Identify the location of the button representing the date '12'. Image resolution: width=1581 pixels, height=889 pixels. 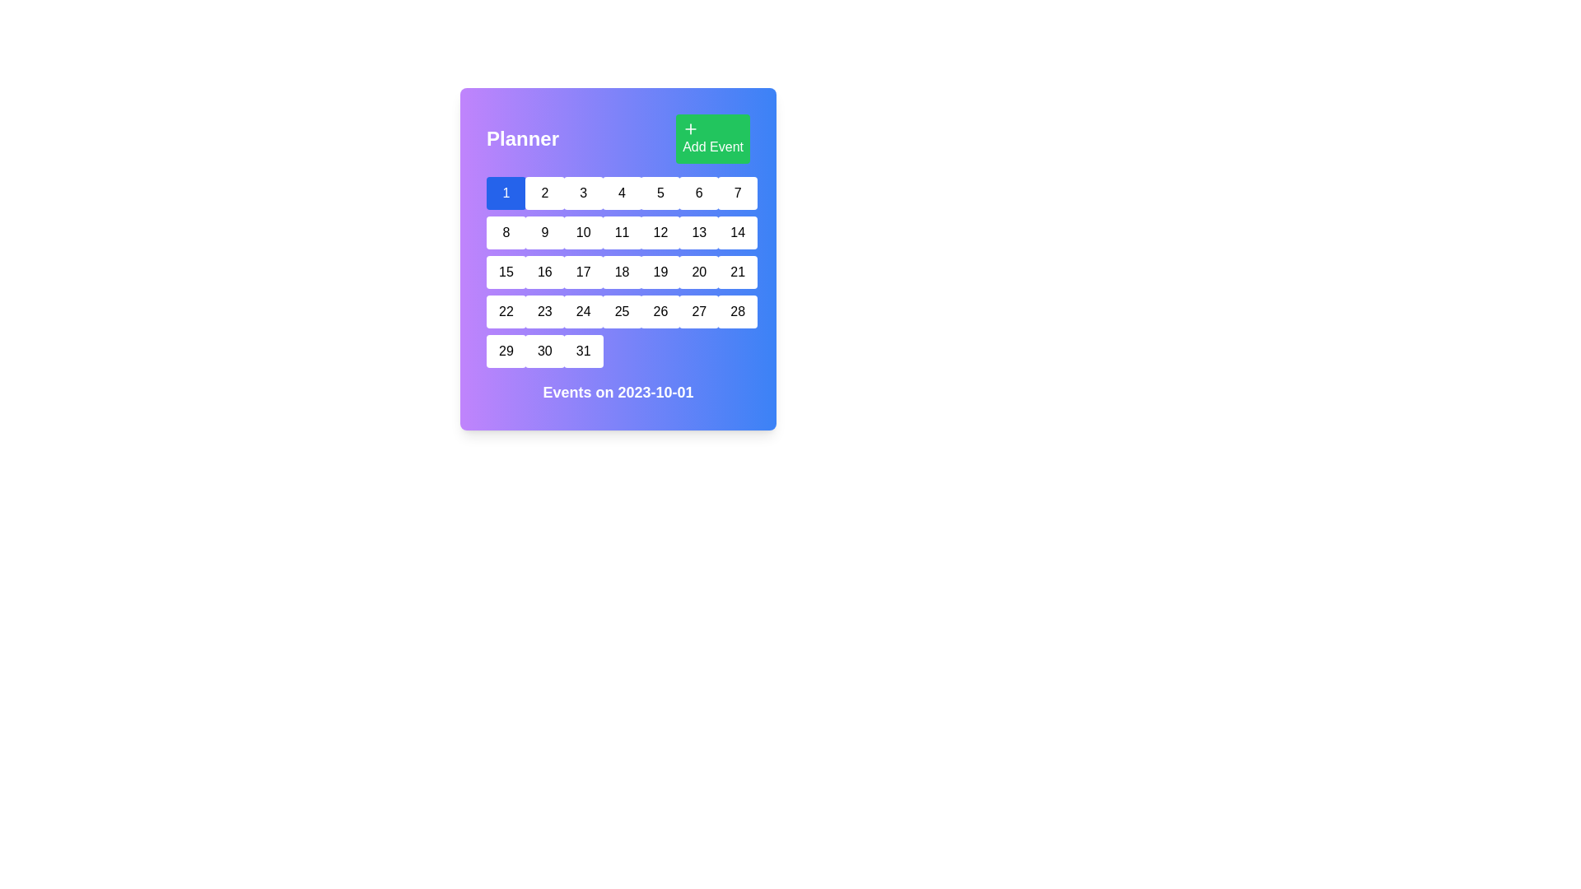
(660, 232).